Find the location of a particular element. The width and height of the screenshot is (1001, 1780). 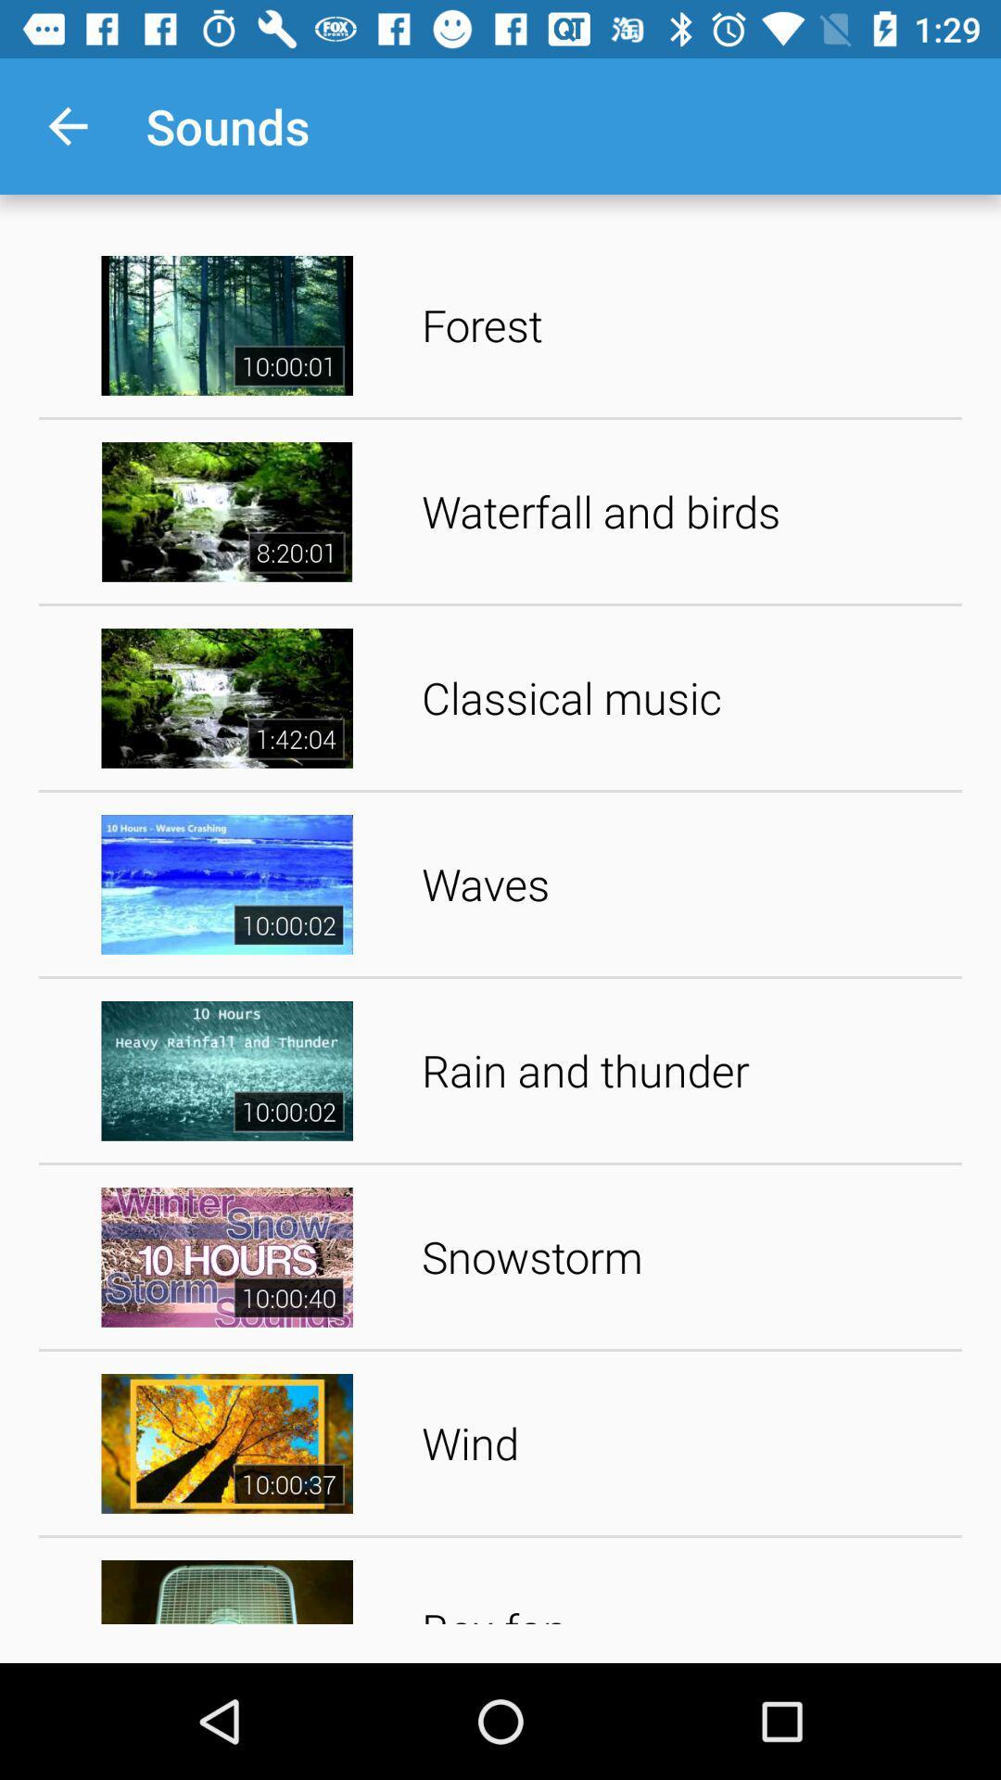

the waterfall and birds app is located at coordinates (685, 512).